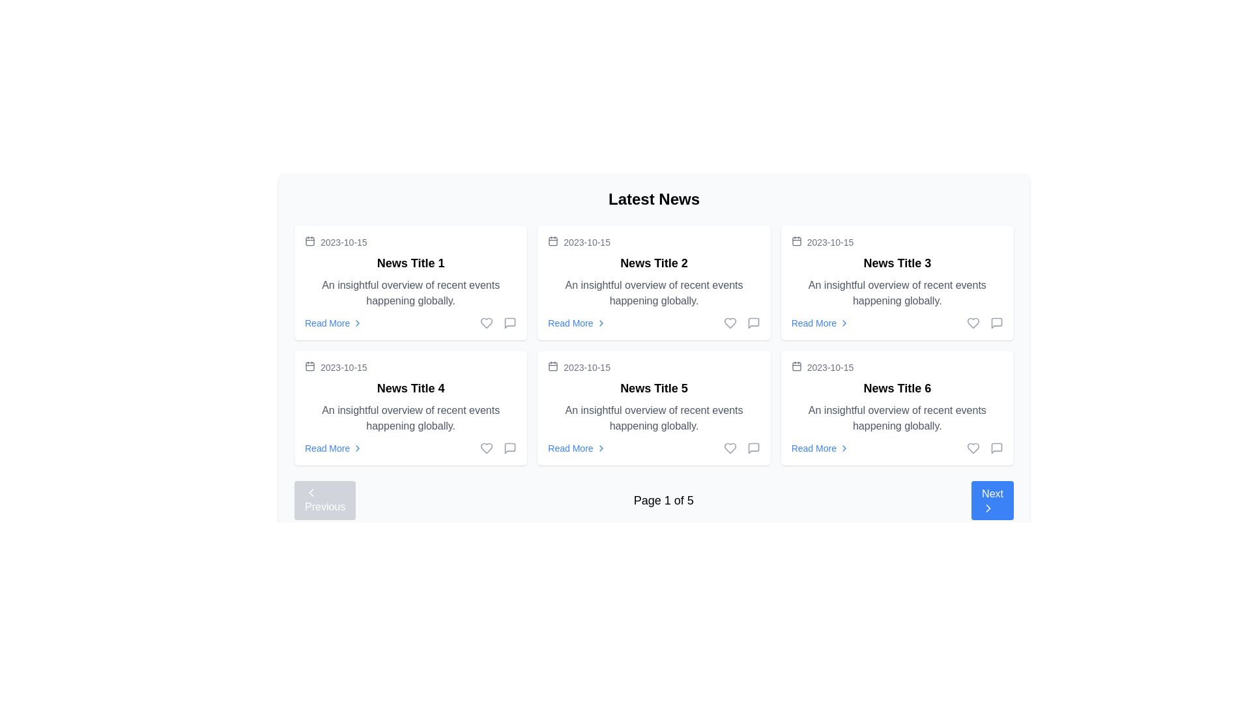  Describe the element at coordinates (327, 447) in the screenshot. I see `the Text link for 'News Title 4' located at the lower left of the news card` at that location.